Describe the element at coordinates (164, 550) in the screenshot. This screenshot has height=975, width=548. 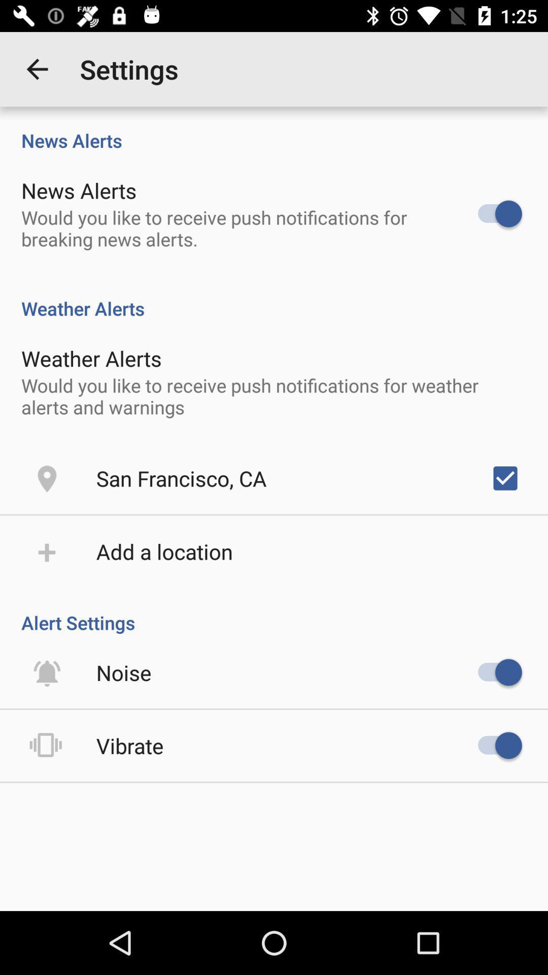
I see `the item above alert settings icon` at that location.